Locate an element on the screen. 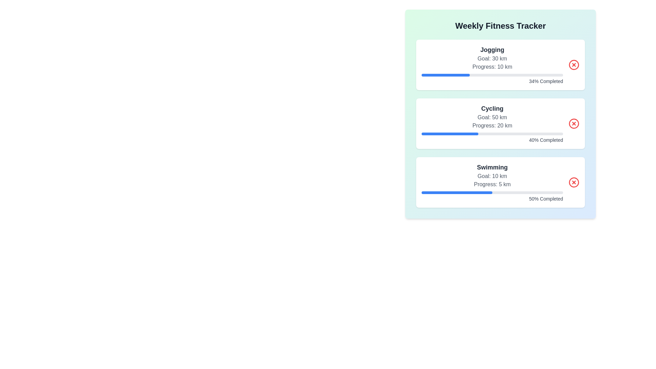  the Progress card in the Weekly Fitness Tracker is located at coordinates (492, 182).